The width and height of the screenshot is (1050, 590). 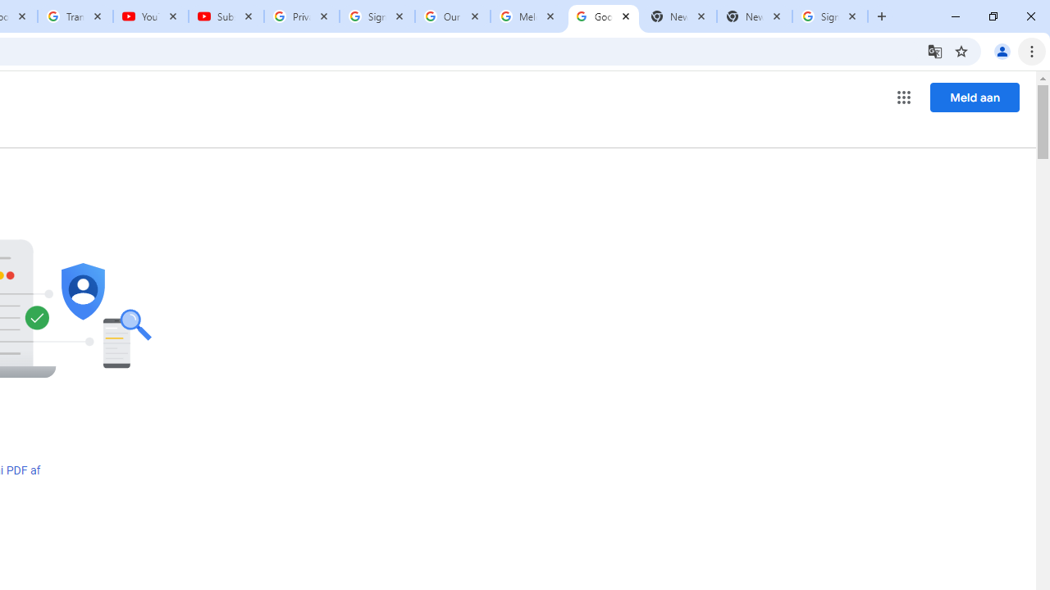 I want to click on 'Translate this page', so click(x=934, y=50).